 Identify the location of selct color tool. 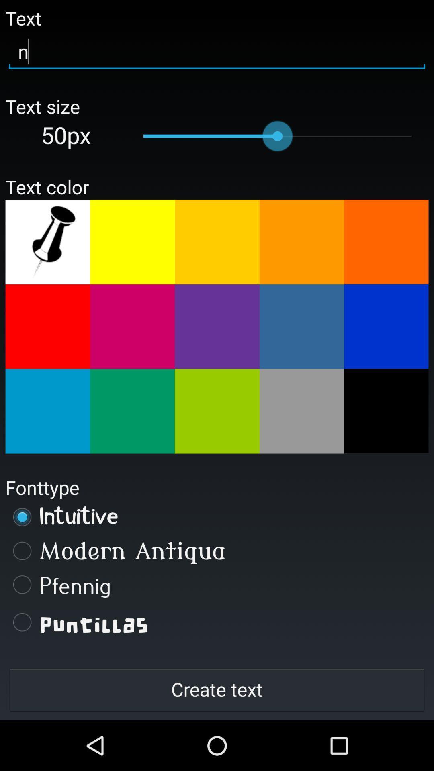
(47, 241).